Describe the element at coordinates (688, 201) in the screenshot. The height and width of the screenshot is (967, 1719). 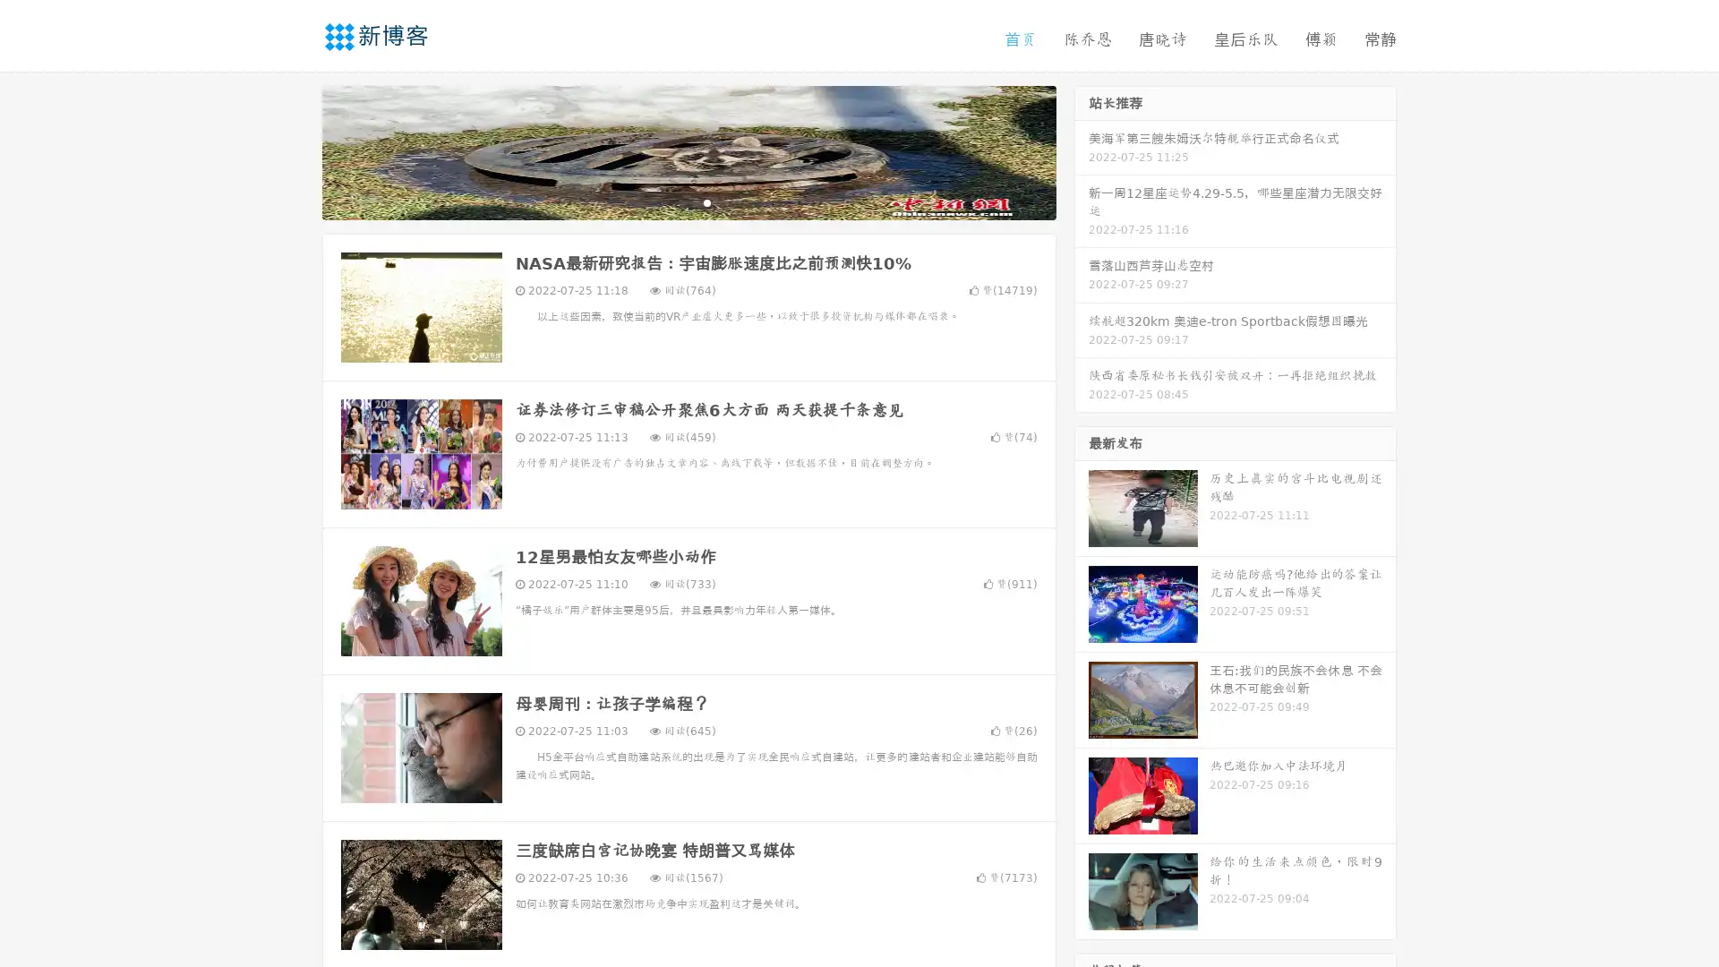
I see `Go to slide 2` at that location.